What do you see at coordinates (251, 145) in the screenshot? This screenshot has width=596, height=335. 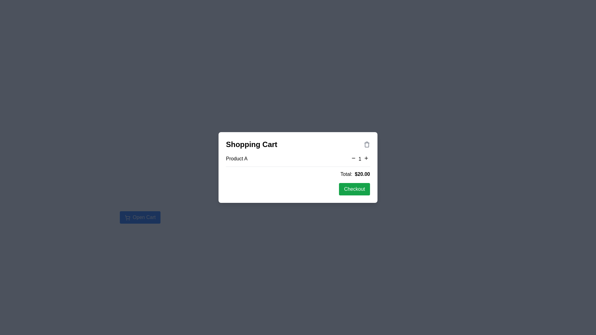 I see `the static text heading located in the top-left corner of the white card interface, which serves as the title for the section below` at bounding box center [251, 145].